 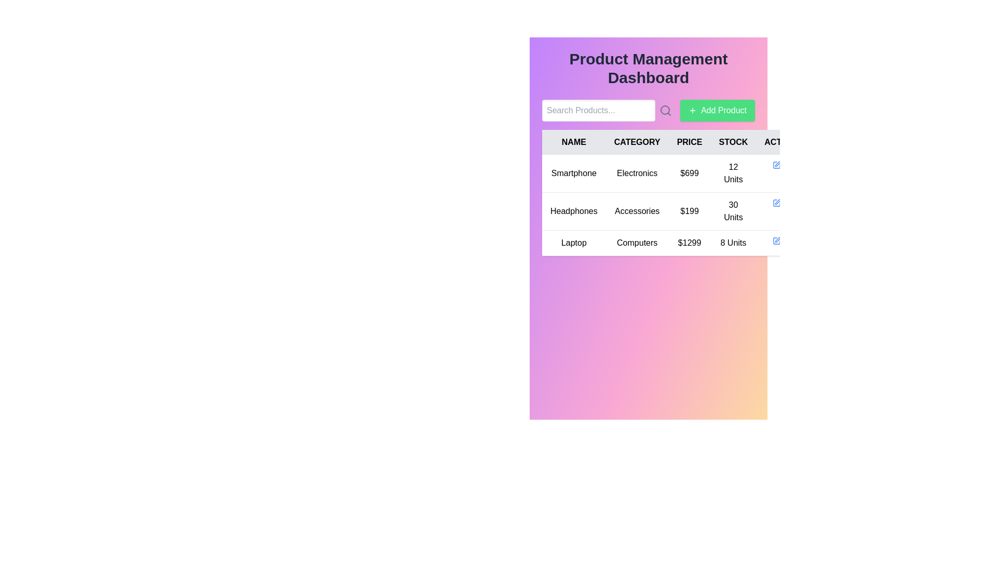 I want to click on the blue pen or edit icon located in the first row under the 'ACTION' column of the table adjacent to the 'Smartphone' product row, so click(x=777, y=164).